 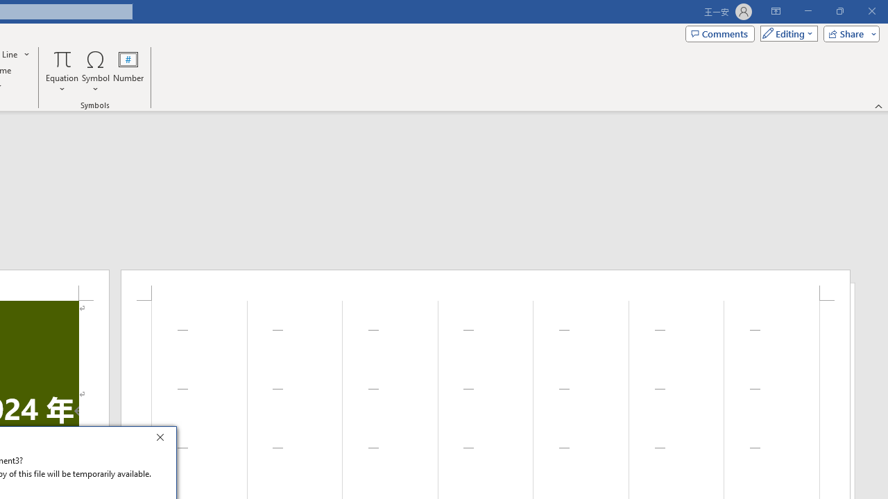 I want to click on 'Number...', so click(x=128, y=71).